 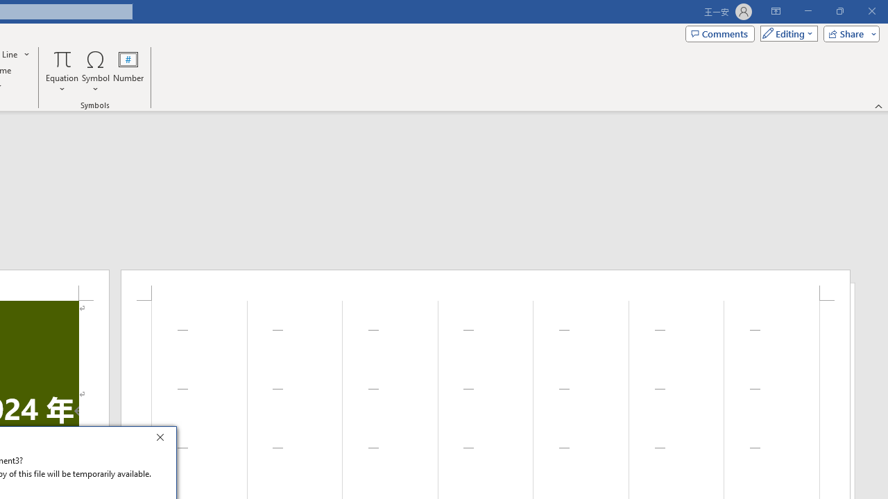 I want to click on 'Number...', so click(x=128, y=71).